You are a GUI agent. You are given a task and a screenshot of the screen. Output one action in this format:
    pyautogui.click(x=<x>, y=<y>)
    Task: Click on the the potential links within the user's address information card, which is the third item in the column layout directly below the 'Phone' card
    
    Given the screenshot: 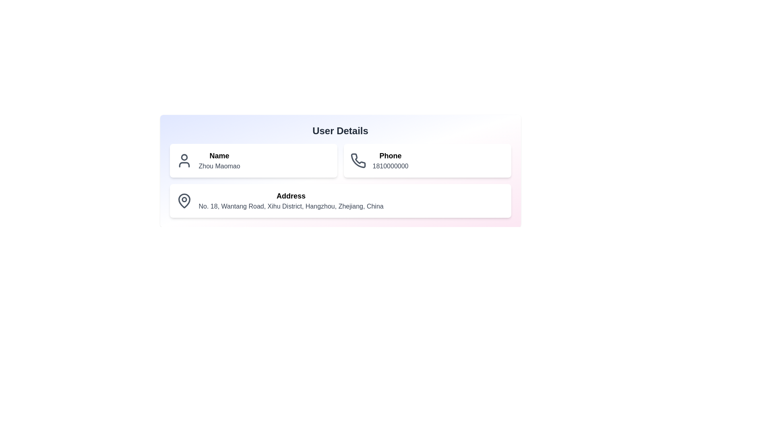 What is the action you would take?
    pyautogui.click(x=340, y=201)
    